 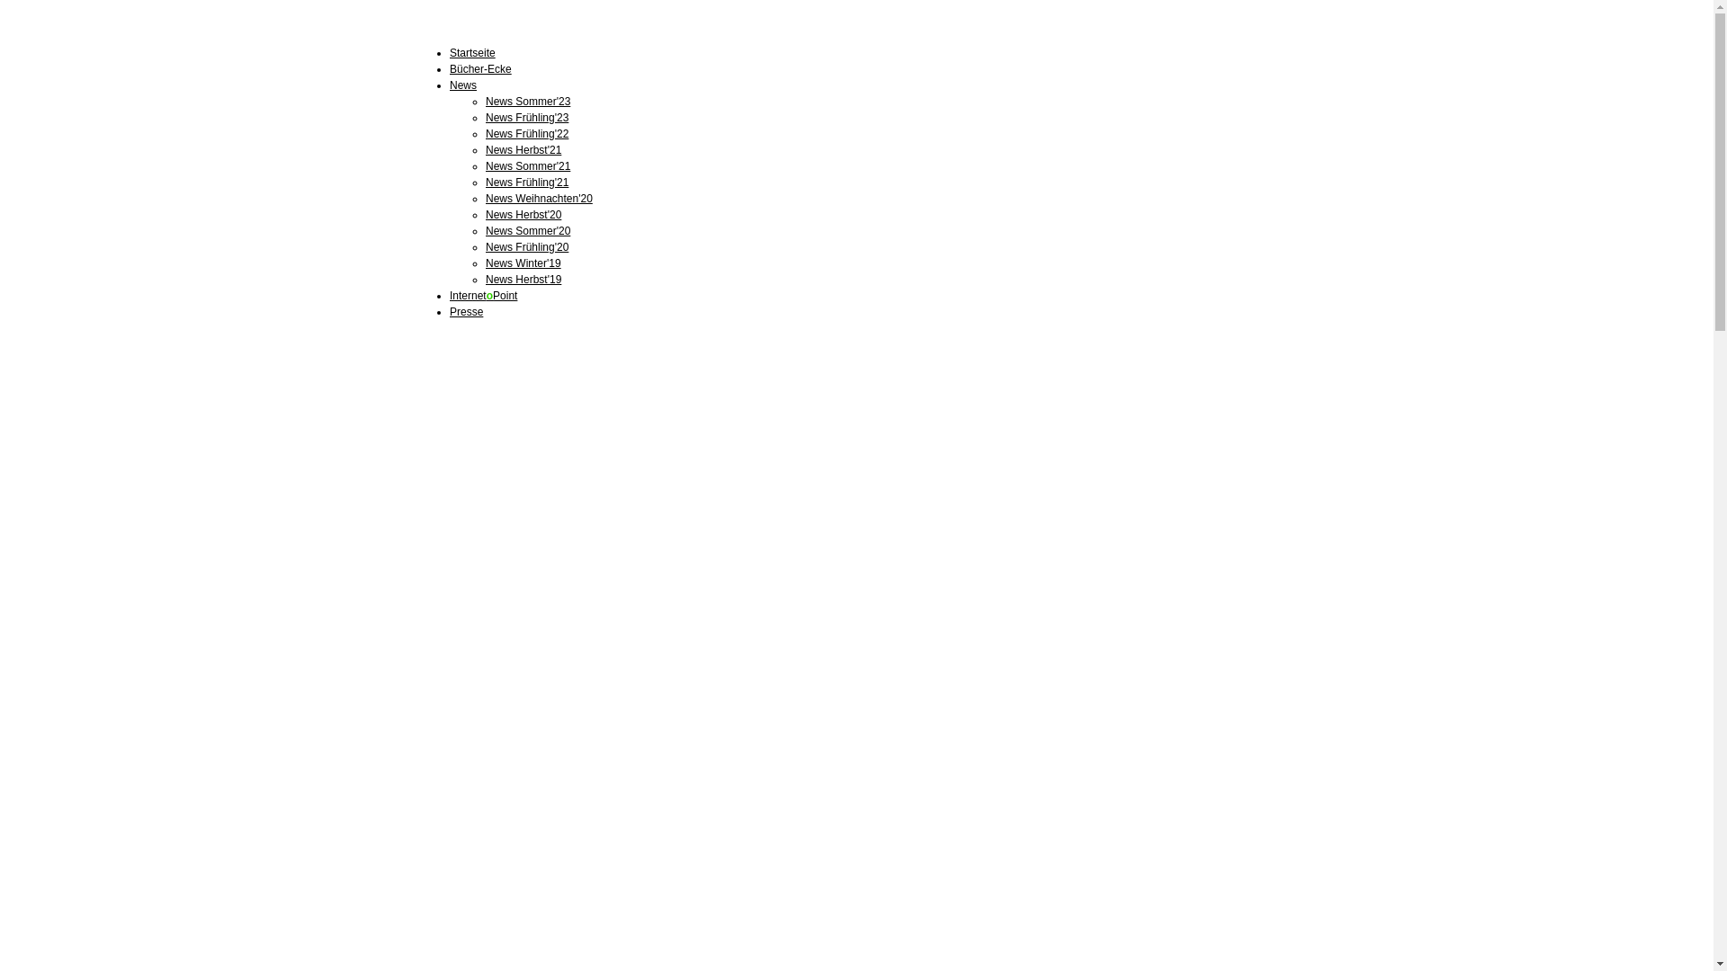 I want to click on 'InternetoPoint', so click(x=483, y=294).